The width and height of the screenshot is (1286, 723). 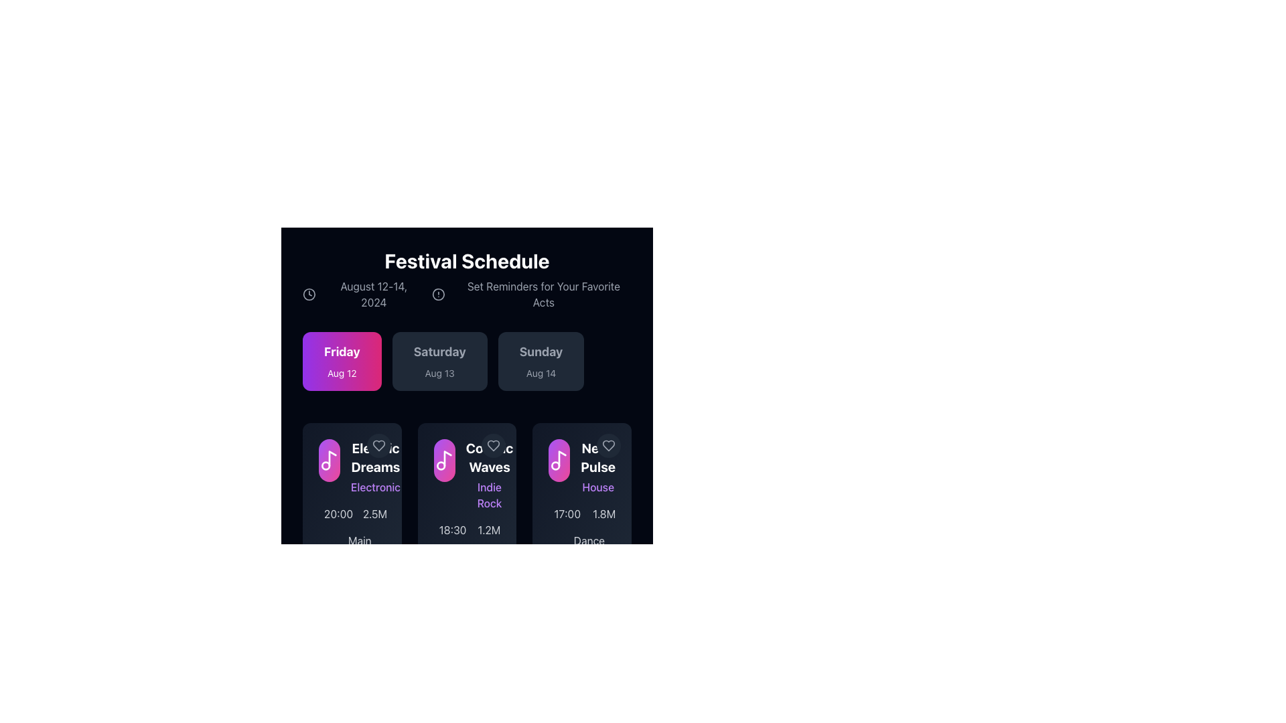 I want to click on the white musical note icon located in the third column of the musical events section under 'Festival Schedule', which aligns with the 'Neon Pulse' event card, so click(x=559, y=459).